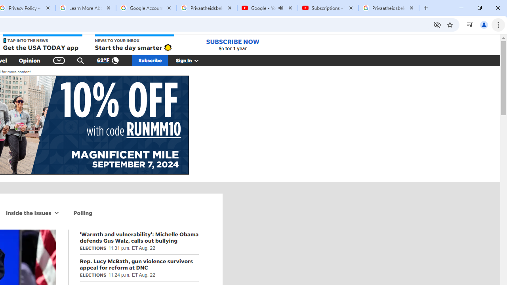 The image size is (507, 285). I want to click on 'Google - YouTube - Audio playing', so click(267, 8).